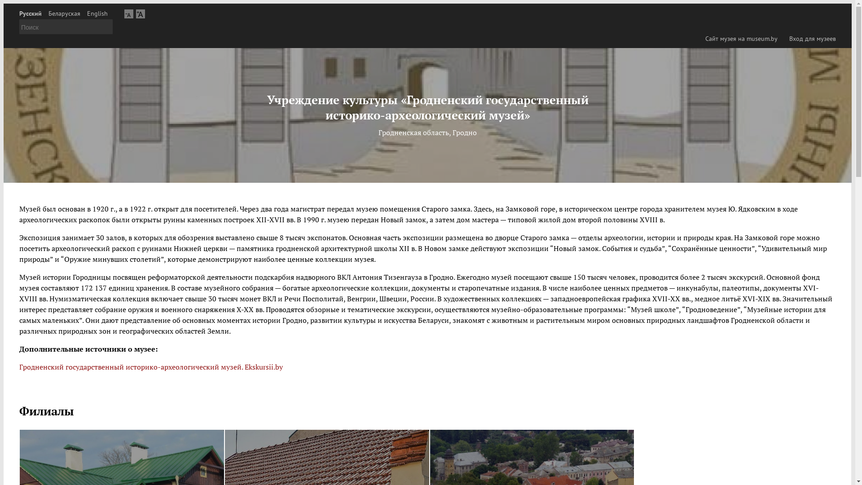 This screenshot has width=862, height=485. Describe the element at coordinates (140, 13) in the screenshot. I see `'A'` at that location.